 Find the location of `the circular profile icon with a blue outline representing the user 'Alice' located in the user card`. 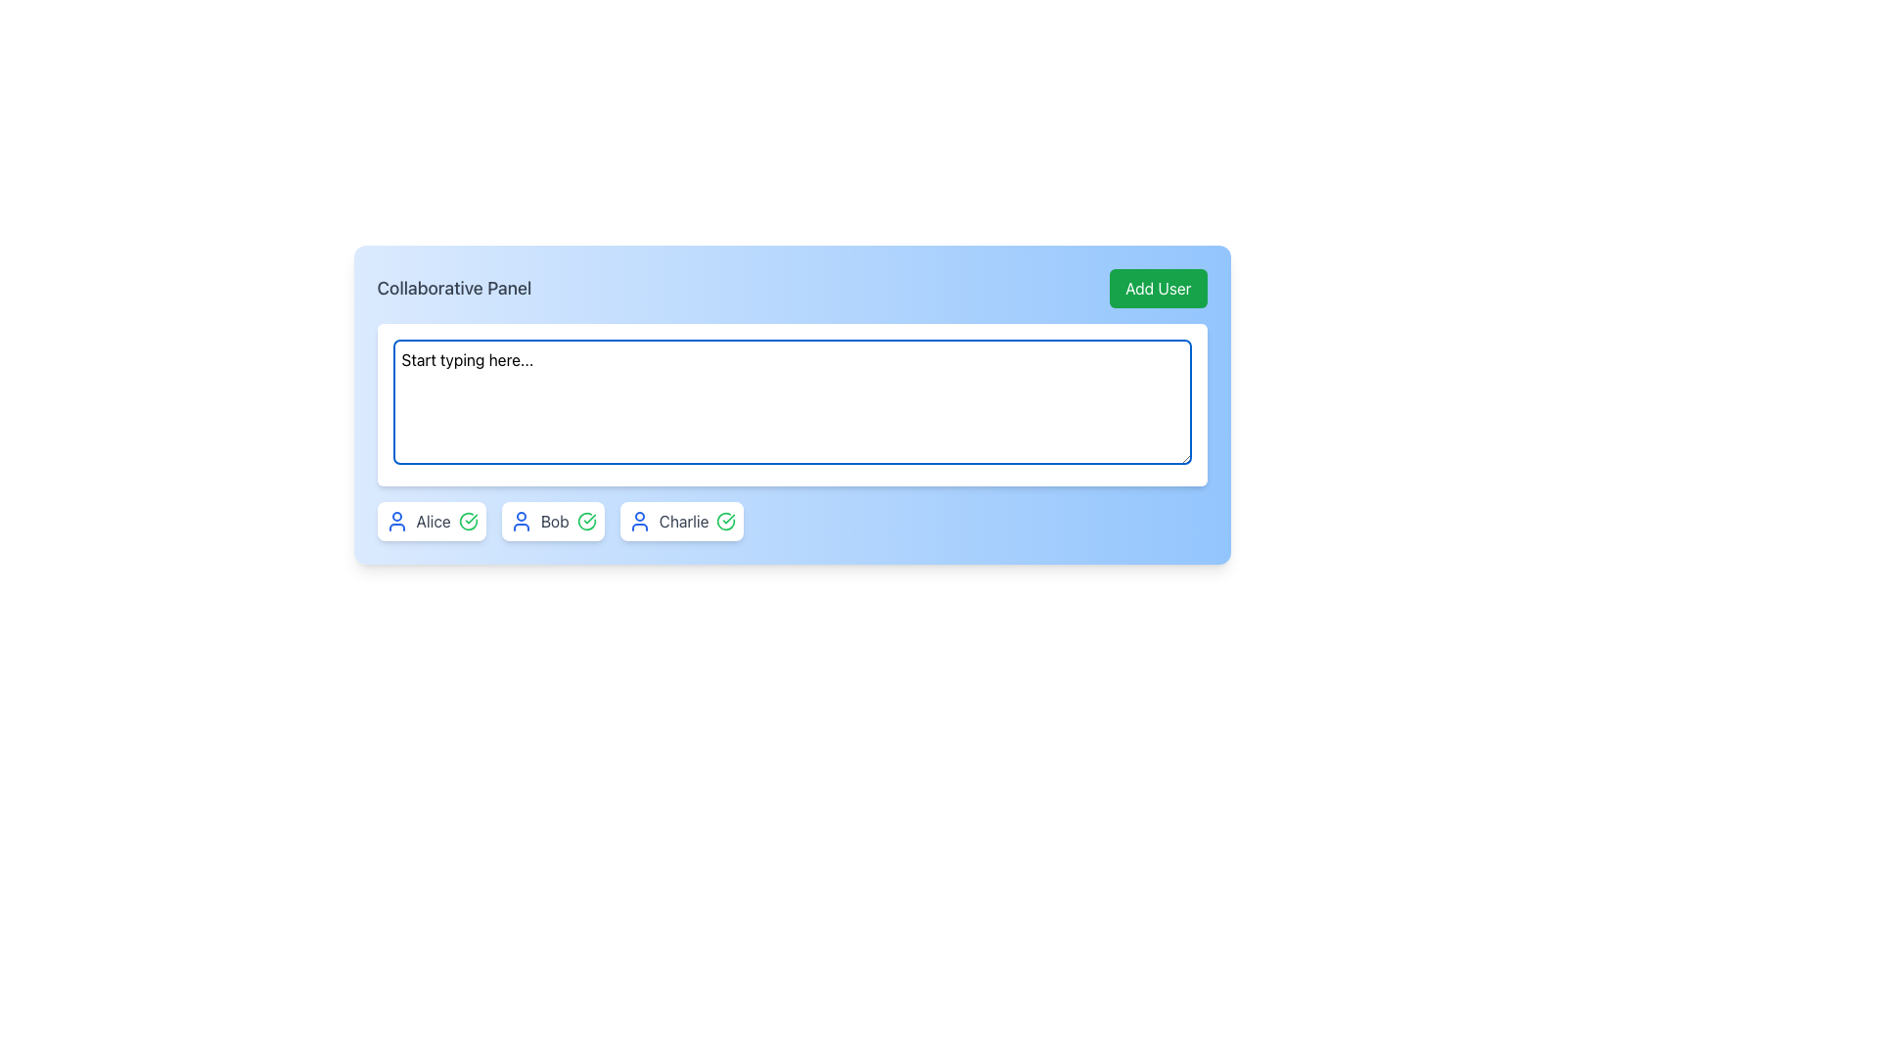

the circular profile icon with a blue outline representing the user 'Alice' located in the user card is located at coordinates (395, 520).